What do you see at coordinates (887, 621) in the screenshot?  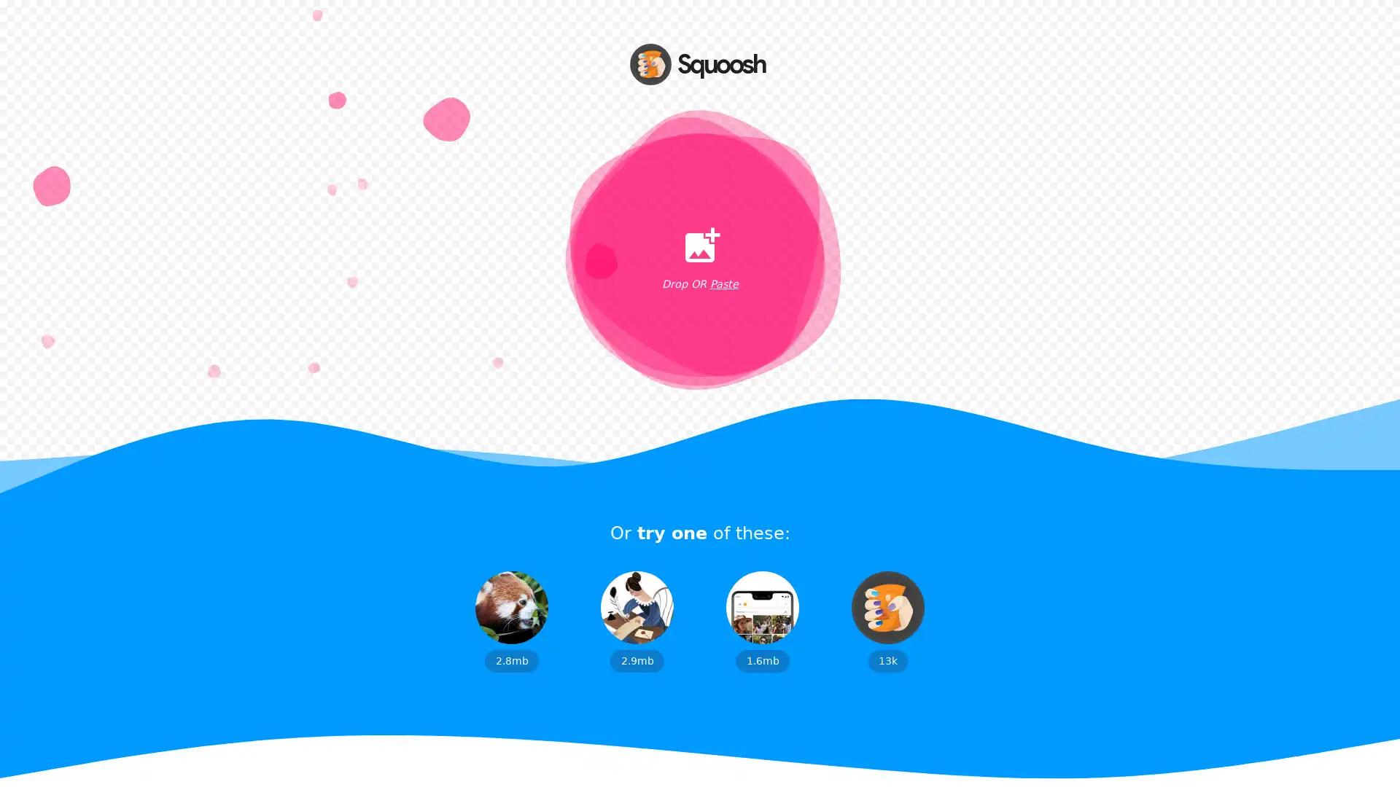 I see `SVG icon 13k` at bounding box center [887, 621].